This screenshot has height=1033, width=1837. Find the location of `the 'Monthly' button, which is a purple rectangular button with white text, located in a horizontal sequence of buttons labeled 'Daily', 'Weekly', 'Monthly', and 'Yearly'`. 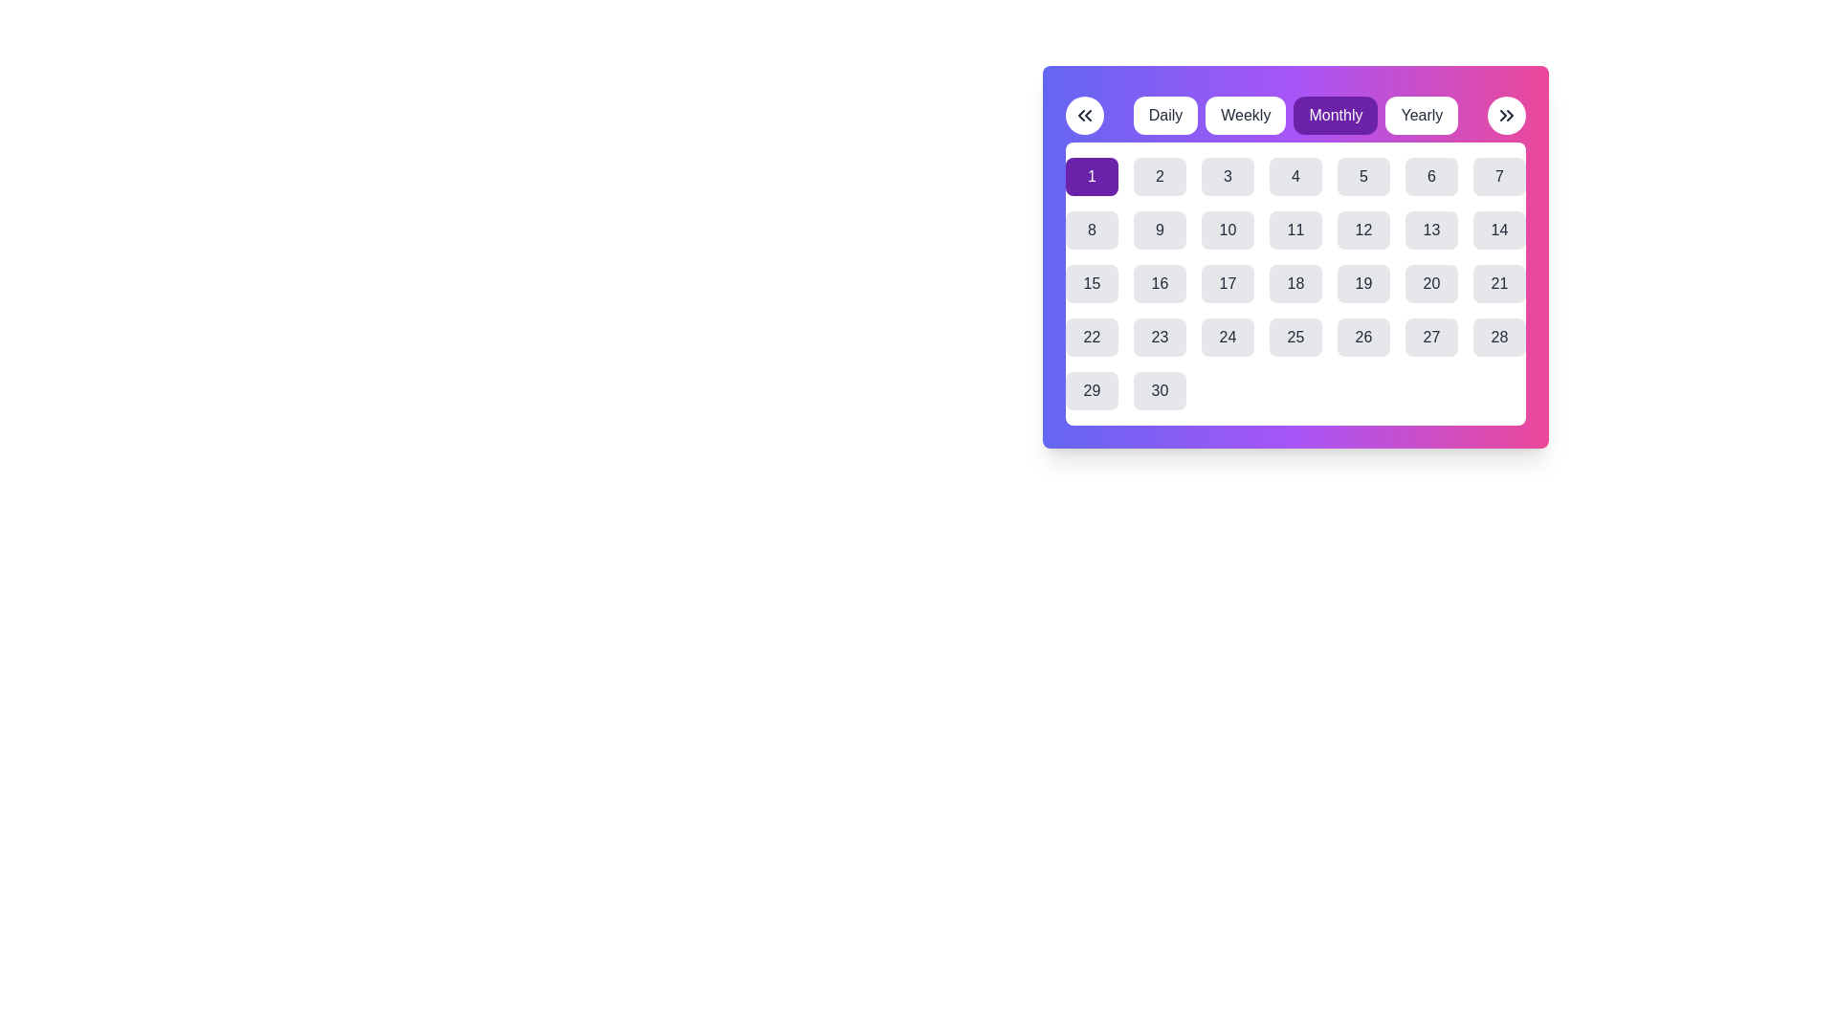

the 'Monthly' button, which is a purple rectangular button with white text, located in a horizontal sequence of buttons labeled 'Daily', 'Weekly', 'Monthly', and 'Yearly' is located at coordinates (1295, 115).